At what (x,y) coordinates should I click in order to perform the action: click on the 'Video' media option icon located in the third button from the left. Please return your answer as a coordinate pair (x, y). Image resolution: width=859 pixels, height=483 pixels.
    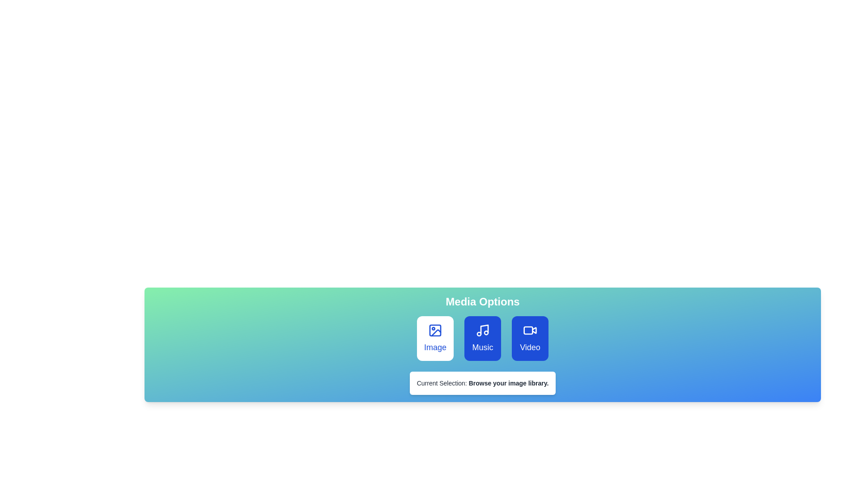
    Looking at the image, I should click on (530, 330).